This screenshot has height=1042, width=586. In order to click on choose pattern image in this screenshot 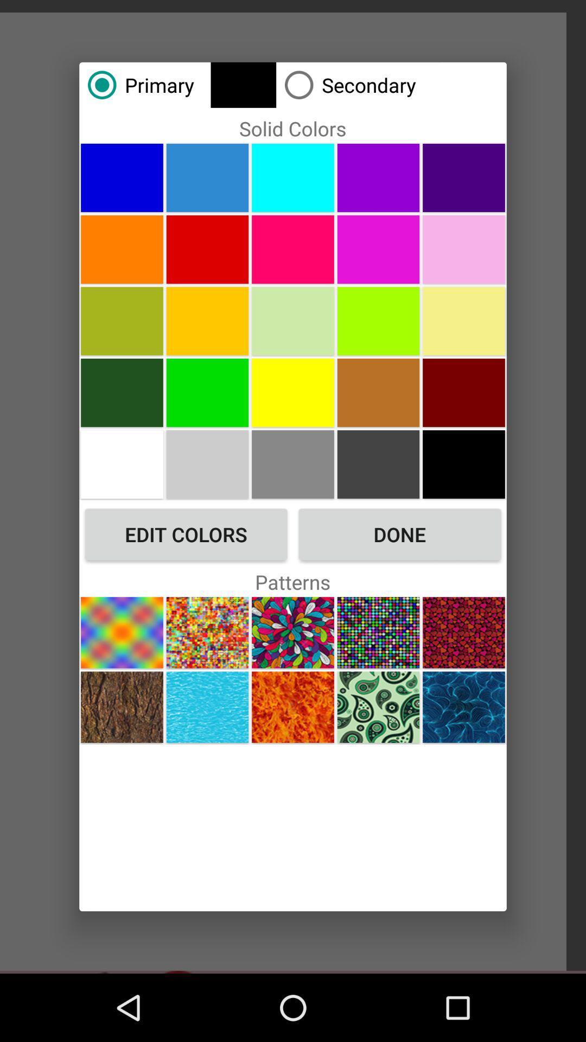, I will do `click(464, 632)`.